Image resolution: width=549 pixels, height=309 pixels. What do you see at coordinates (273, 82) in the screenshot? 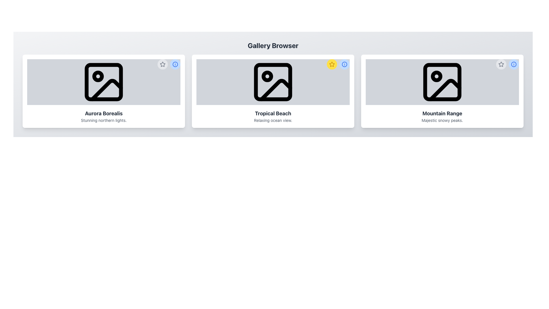
I see `the square-shaped icon with rounded corners filled with a light gray background, located in the center area of the interface as part of the 'Tropical Beach' image placeholder` at bounding box center [273, 82].